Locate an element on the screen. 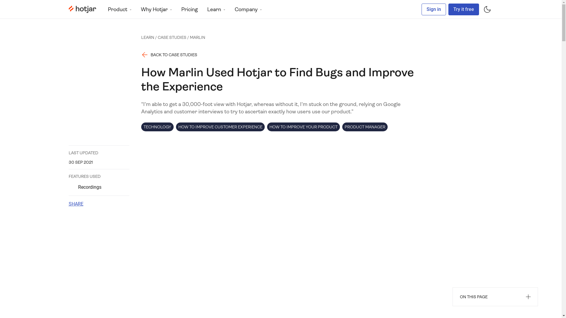 The width and height of the screenshot is (566, 318). 'SHARE' is located at coordinates (75, 204).